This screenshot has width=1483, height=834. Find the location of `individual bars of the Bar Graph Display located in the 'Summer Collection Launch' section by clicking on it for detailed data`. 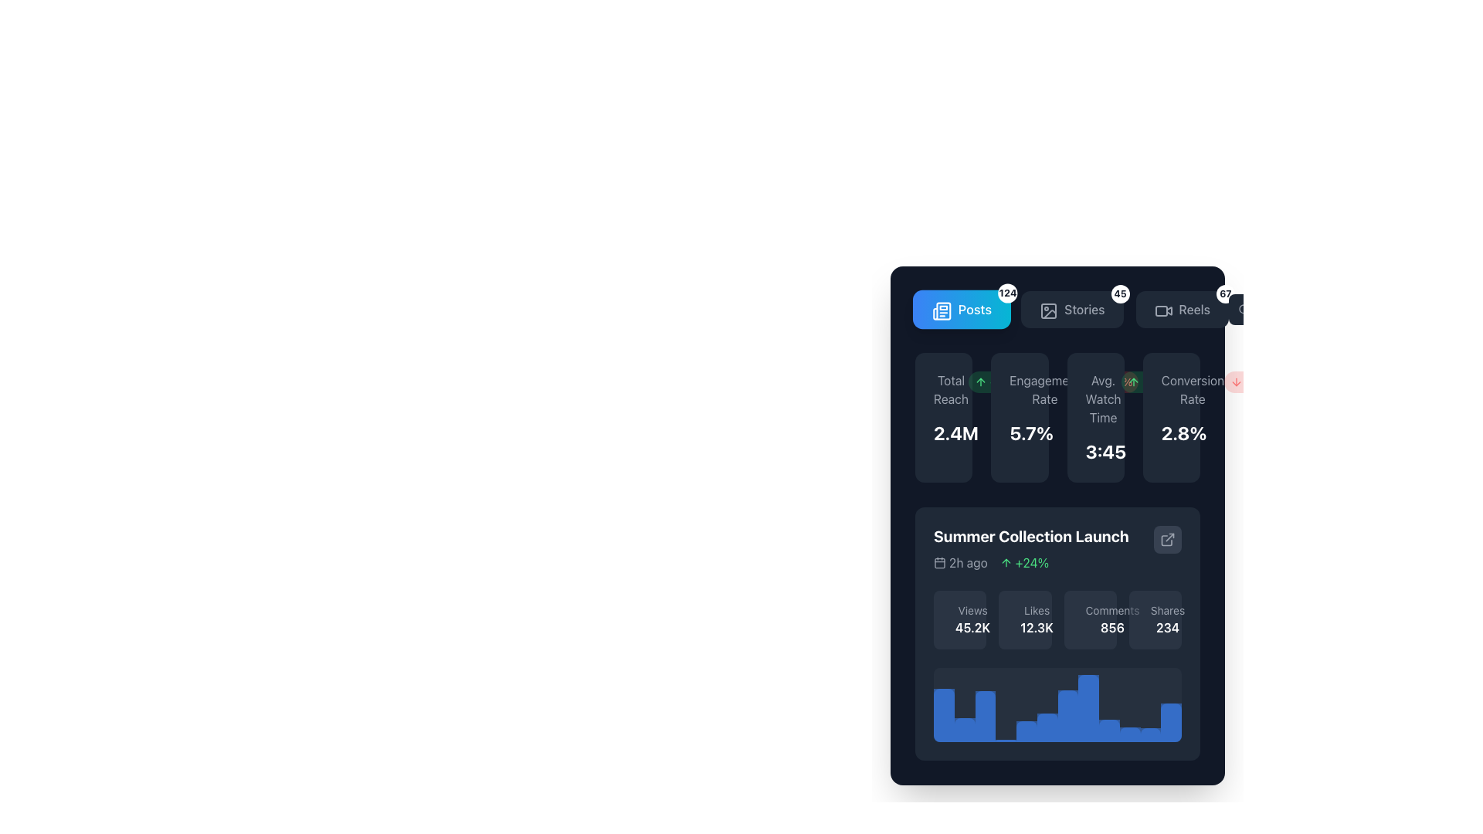

individual bars of the Bar Graph Display located in the 'Summer Collection Launch' section by clicking on it for detailed data is located at coordinates (1057, 705).